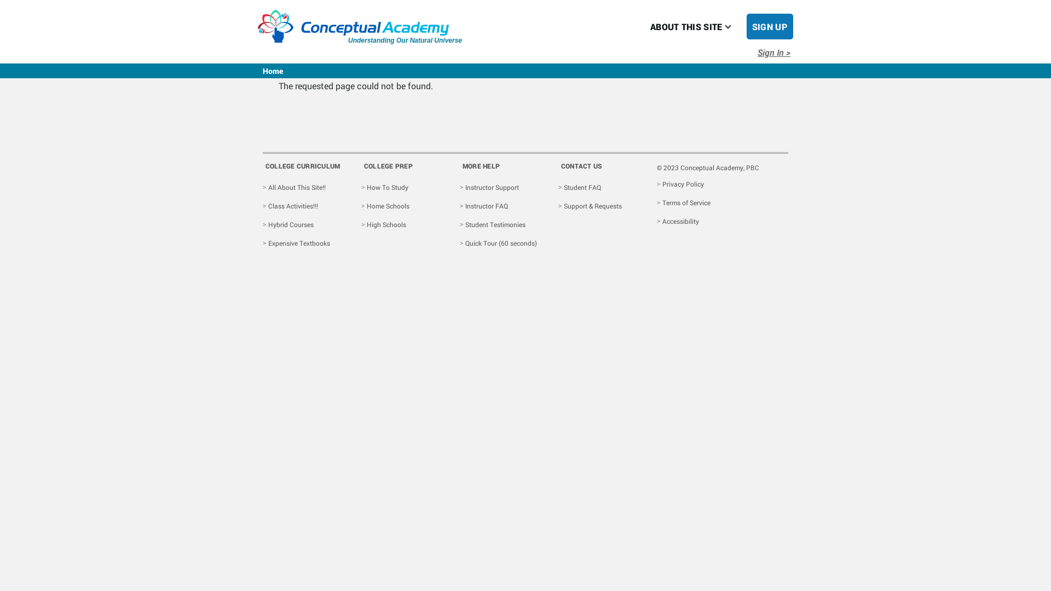 This screenshot has width=1051, height=591. Describe the element at coordinates (769, 26) in the screenshot. I see `'SIGN UP'` at that location.